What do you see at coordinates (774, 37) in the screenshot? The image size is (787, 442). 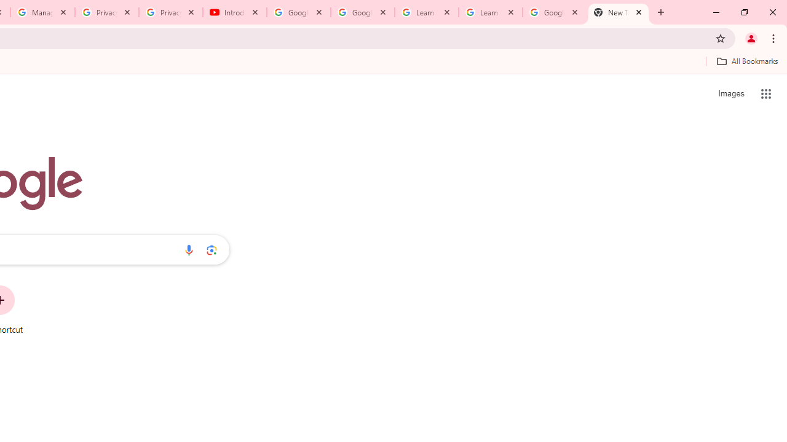 I see `'Chrome'` at bounding box center [774, 37].